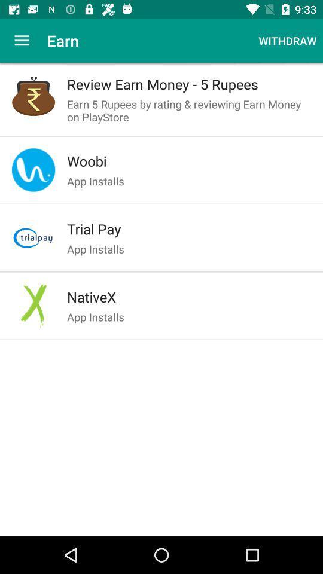 The image size is (323, 574). Describe the element at coordinates (287, 41) in the screenshot. I see `the withdraw item` at that location.